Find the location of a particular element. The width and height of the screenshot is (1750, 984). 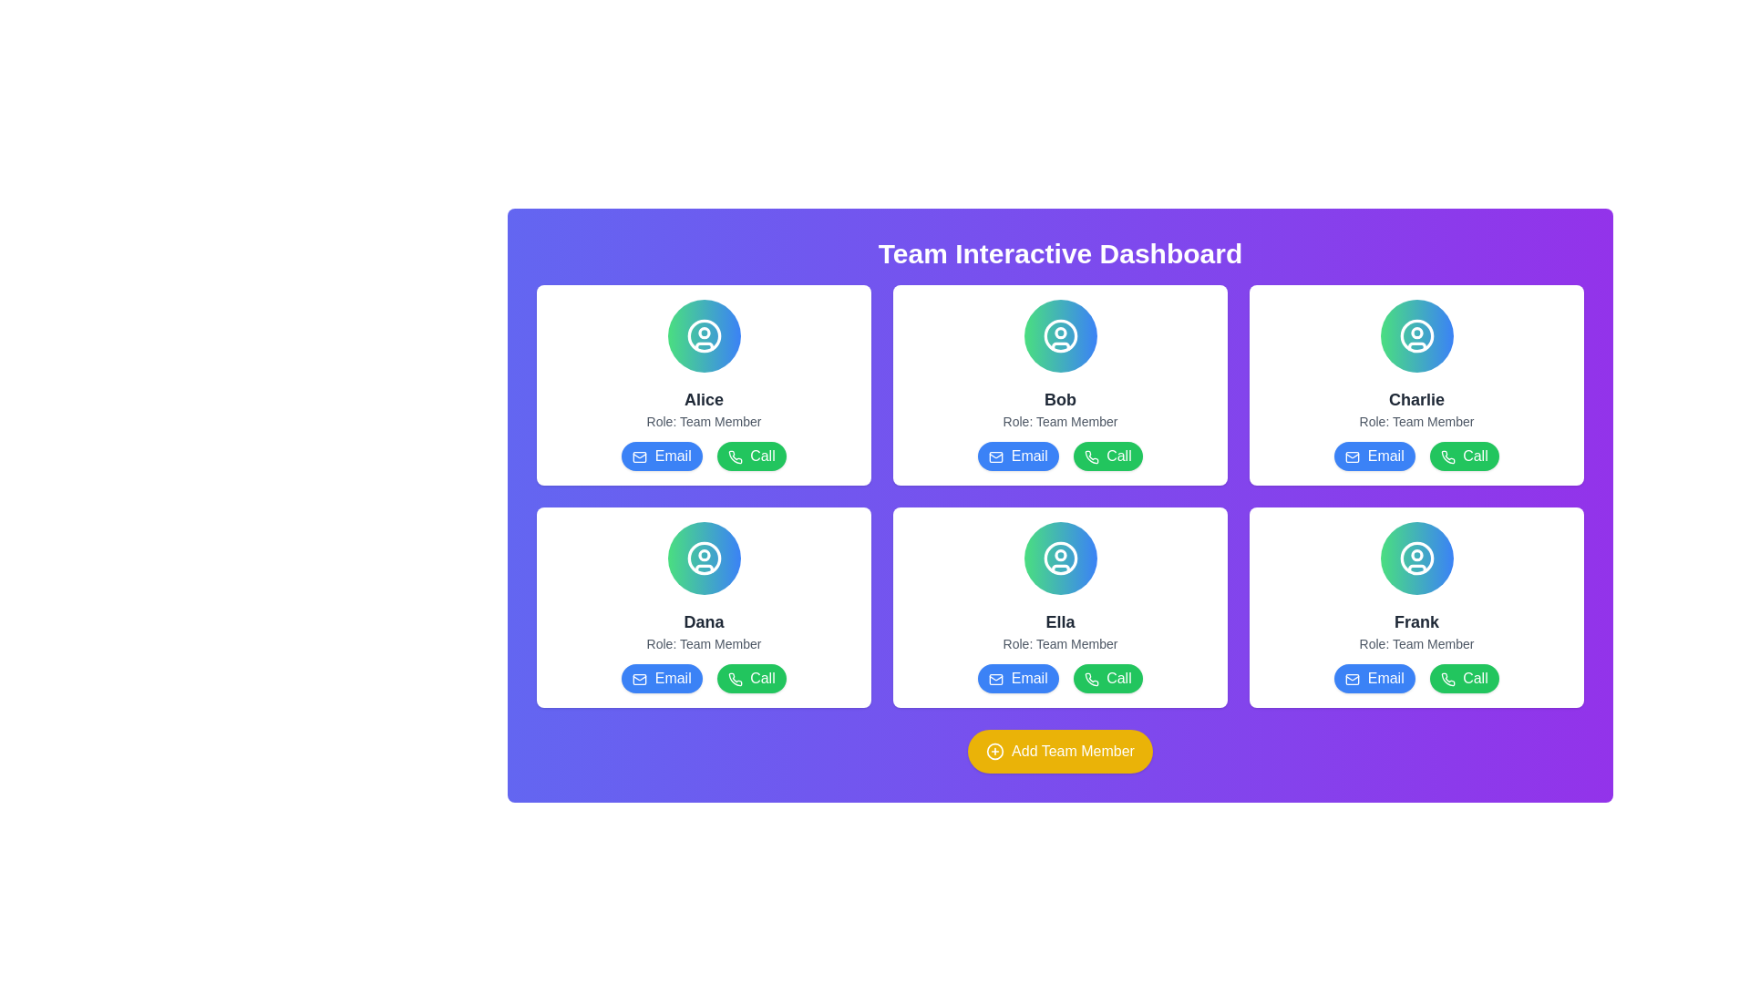

the Static Text displaying the role information for the associated individual, located below the title 'Frank' and above the buttons 'Email' and 'Call' is located at coordinates (1415, 642).